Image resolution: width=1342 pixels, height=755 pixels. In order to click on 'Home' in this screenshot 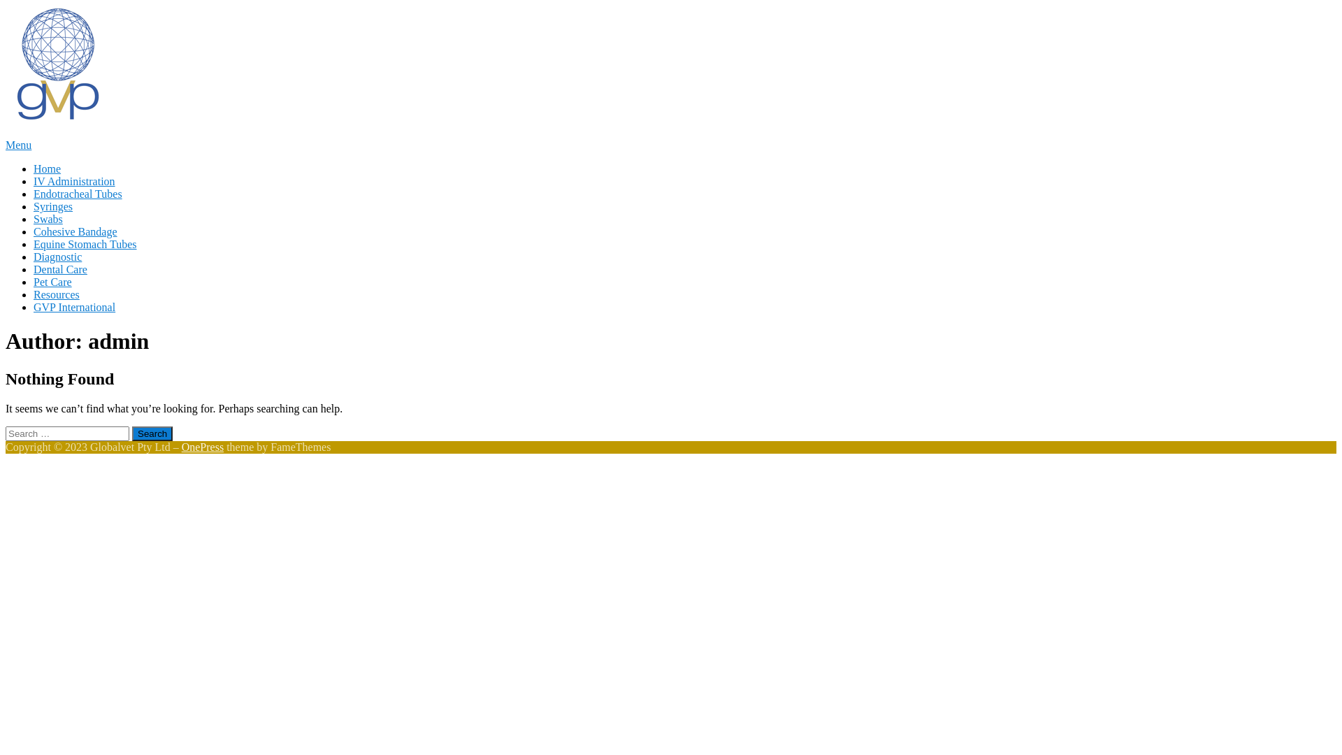, I will do `click(47, 168)`.